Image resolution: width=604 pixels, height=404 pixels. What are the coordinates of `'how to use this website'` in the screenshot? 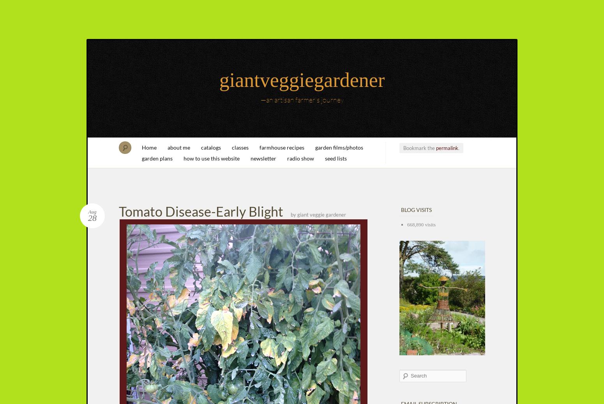 It's located at (183, 158).